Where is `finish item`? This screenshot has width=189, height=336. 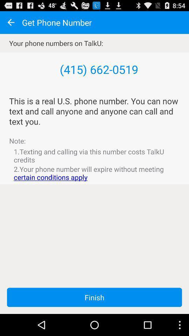 finish item is located at coordinates (94, 297).